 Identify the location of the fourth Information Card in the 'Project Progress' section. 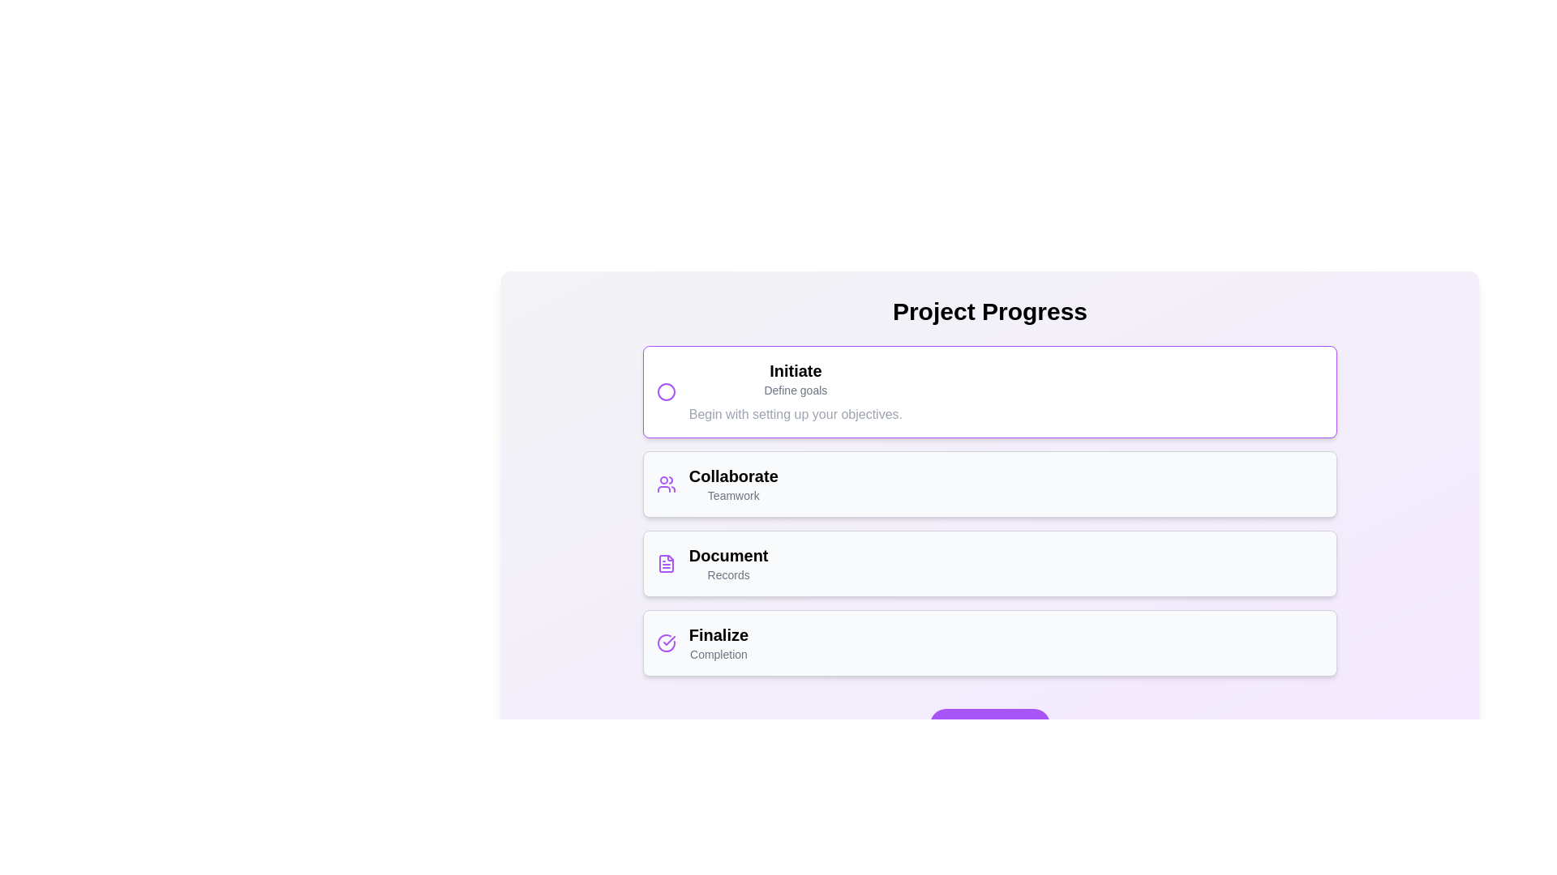
(989, 642).